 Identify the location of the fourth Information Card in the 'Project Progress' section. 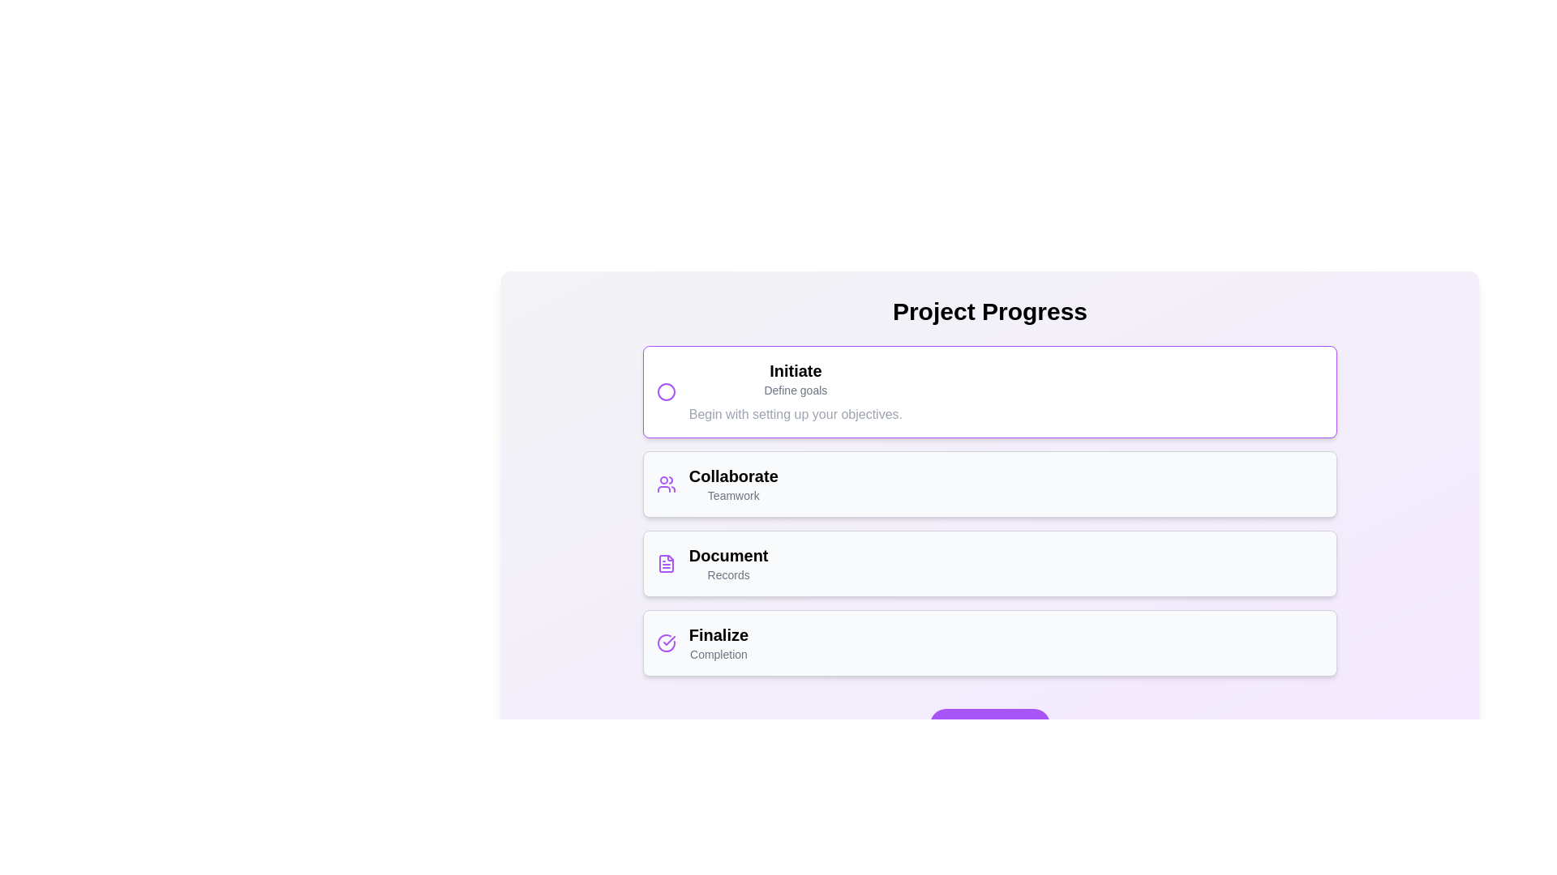
(989, 642).